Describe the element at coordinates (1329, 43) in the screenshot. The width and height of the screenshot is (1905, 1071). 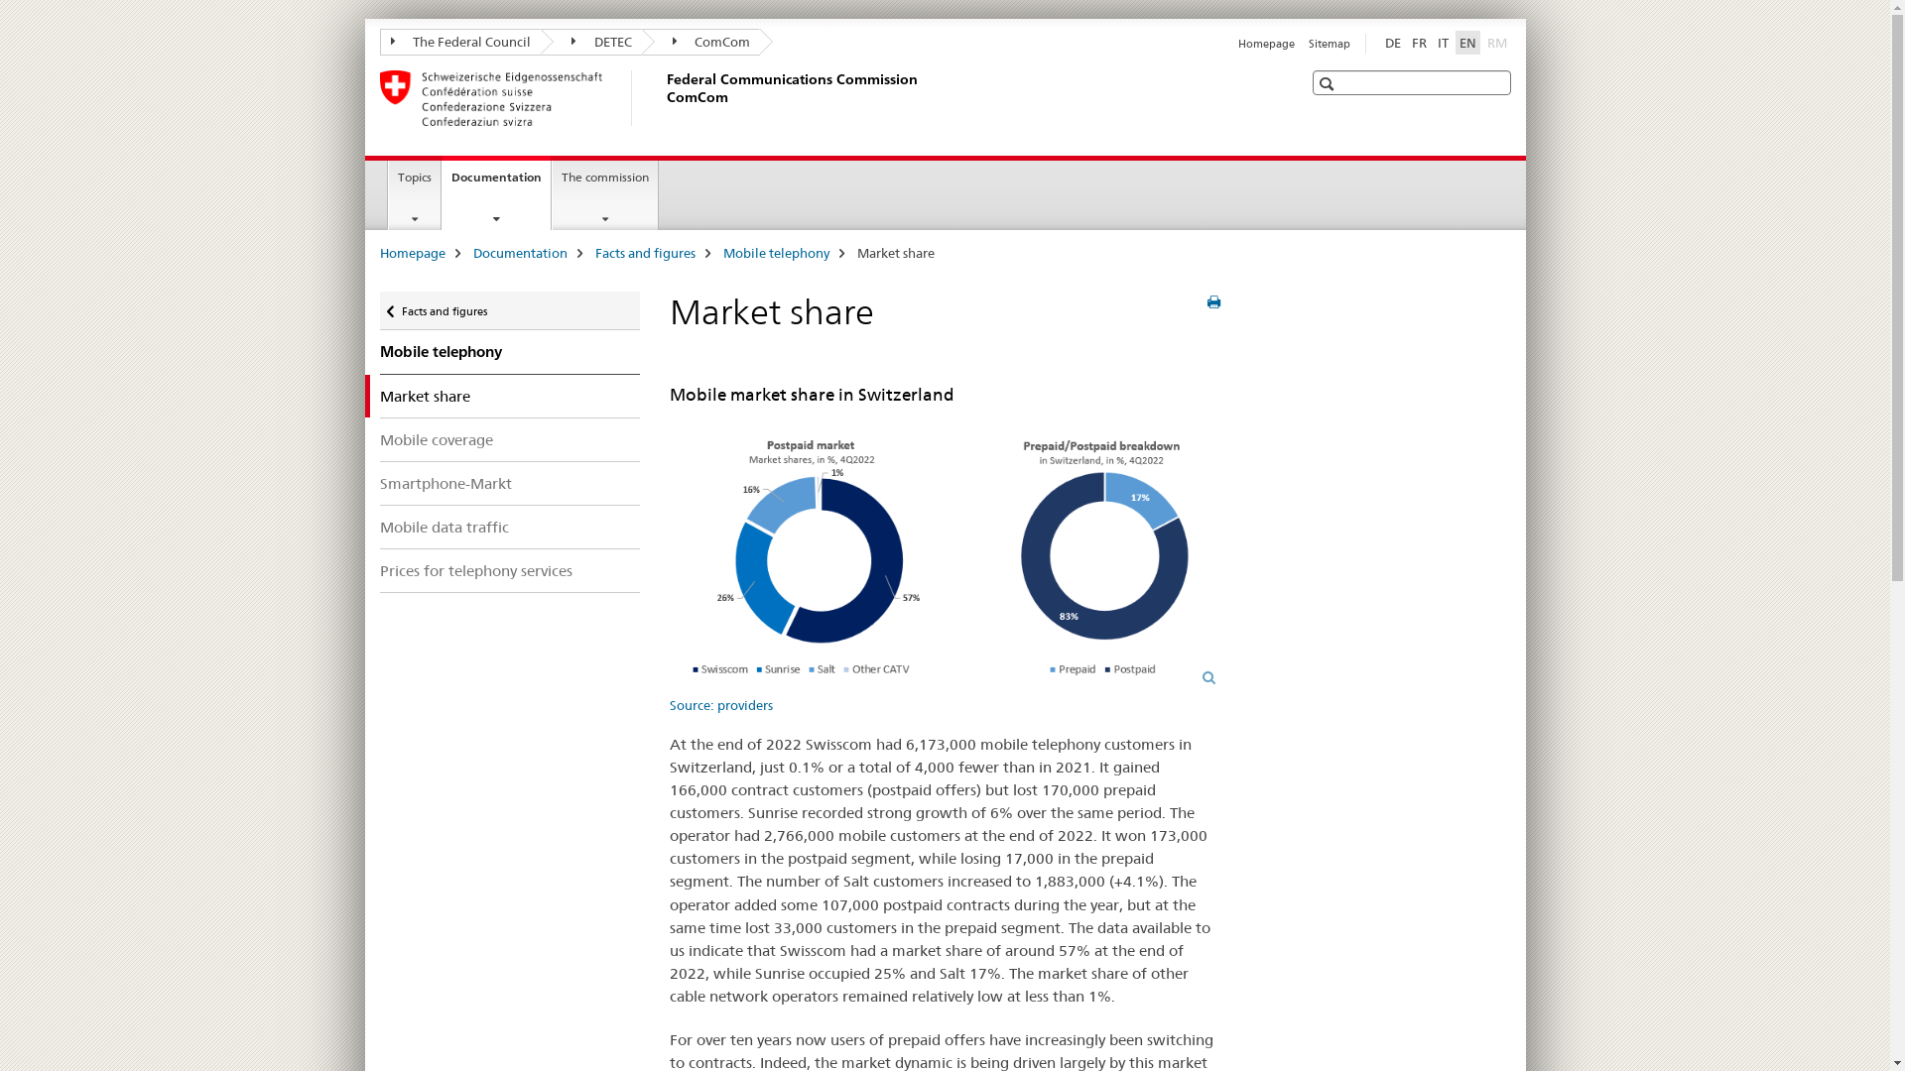
I see `'Sitemap'` at that location.